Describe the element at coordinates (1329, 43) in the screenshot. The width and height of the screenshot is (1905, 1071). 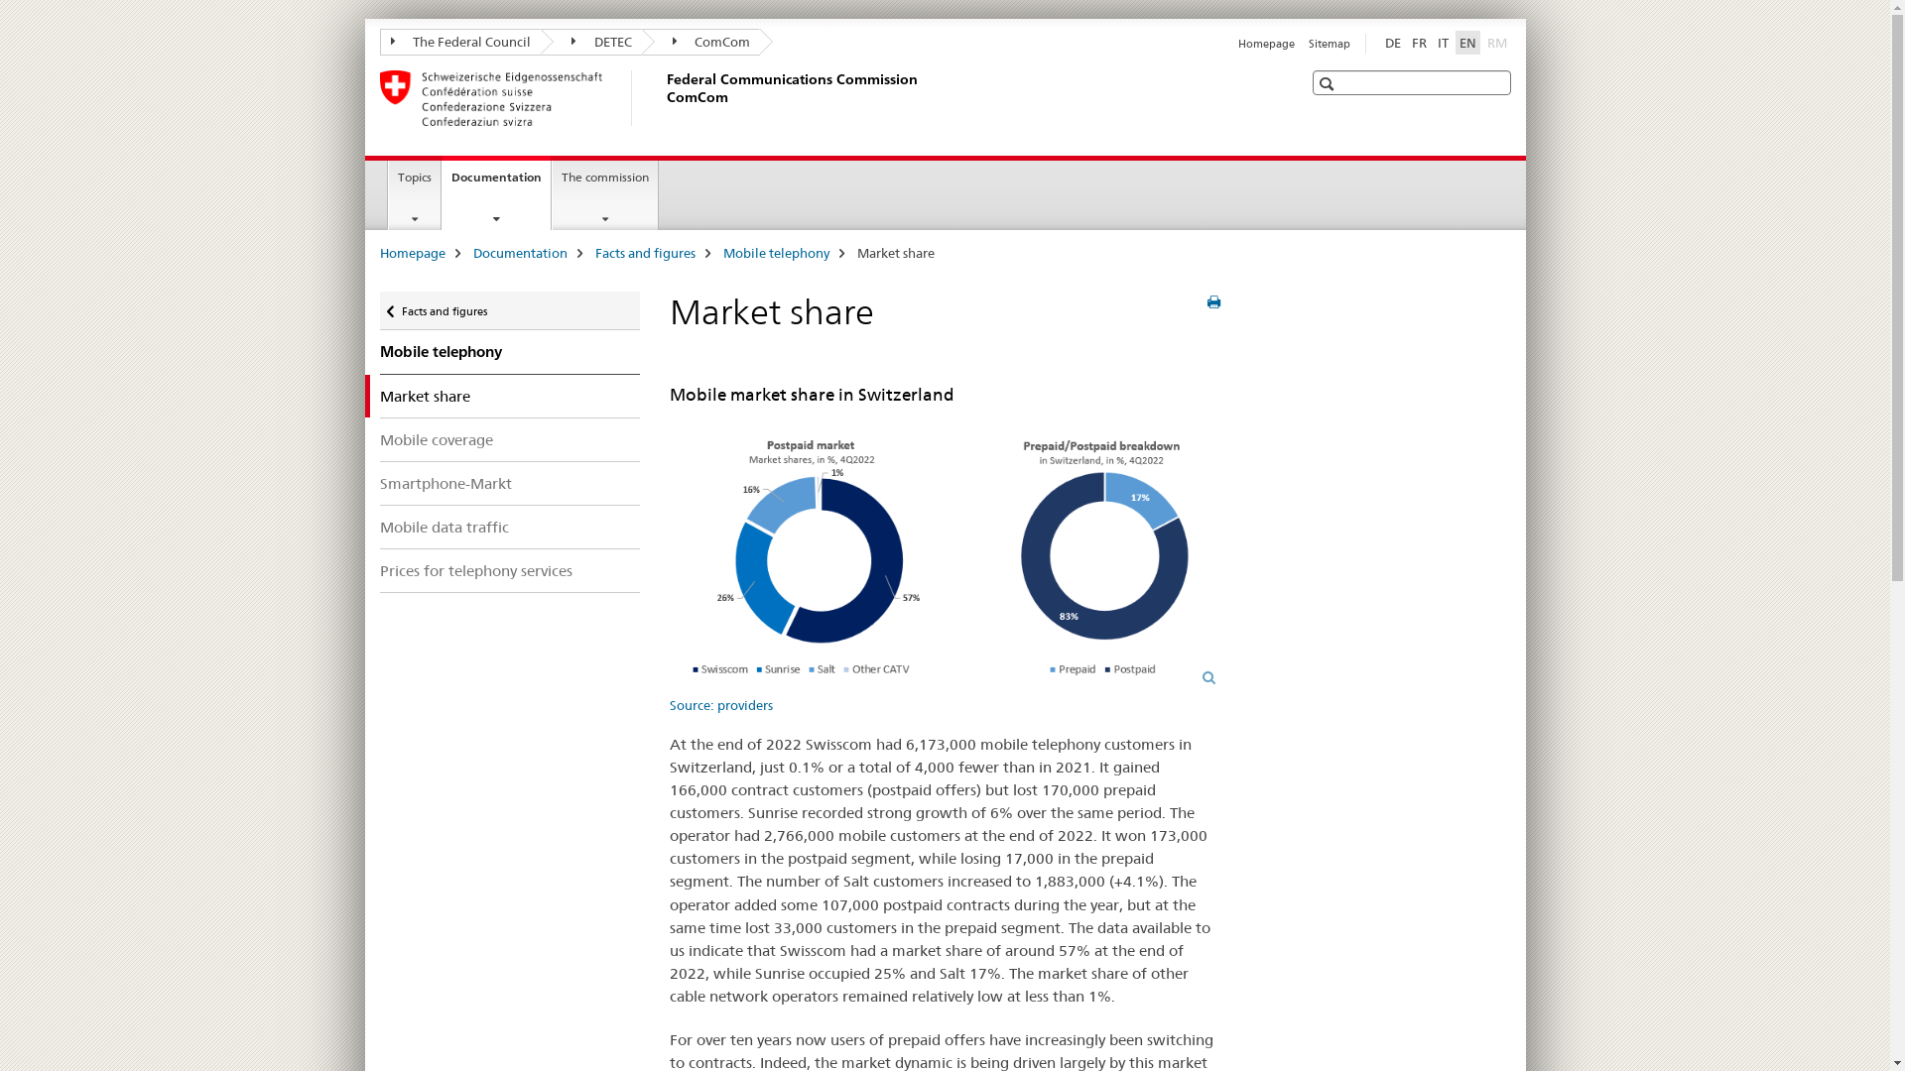
I see `'Sitemap'` at that location.